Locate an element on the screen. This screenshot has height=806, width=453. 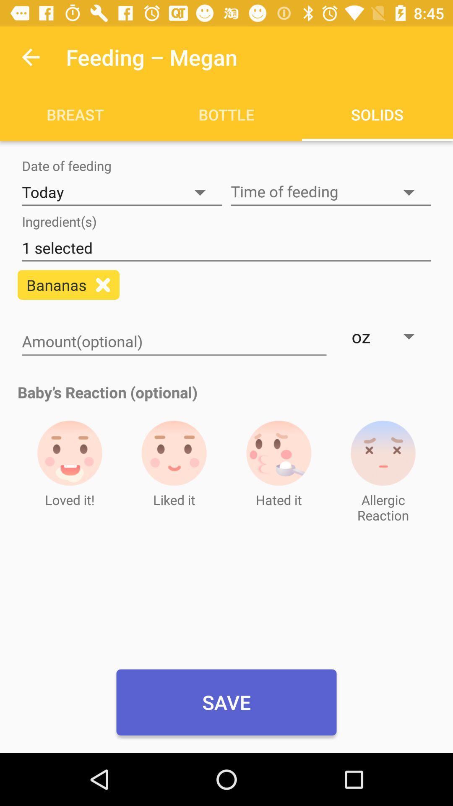
icon above the 1 selected is located at coordinates (331, 192).